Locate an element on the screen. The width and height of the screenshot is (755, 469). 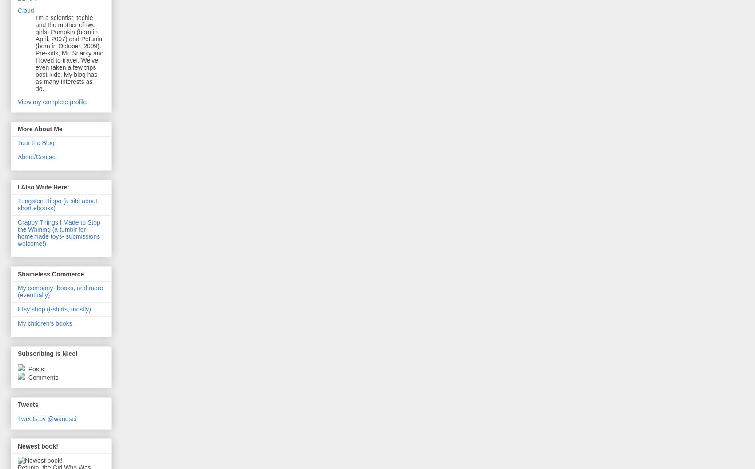
'More About Me' is located at coordinates (40, 128).